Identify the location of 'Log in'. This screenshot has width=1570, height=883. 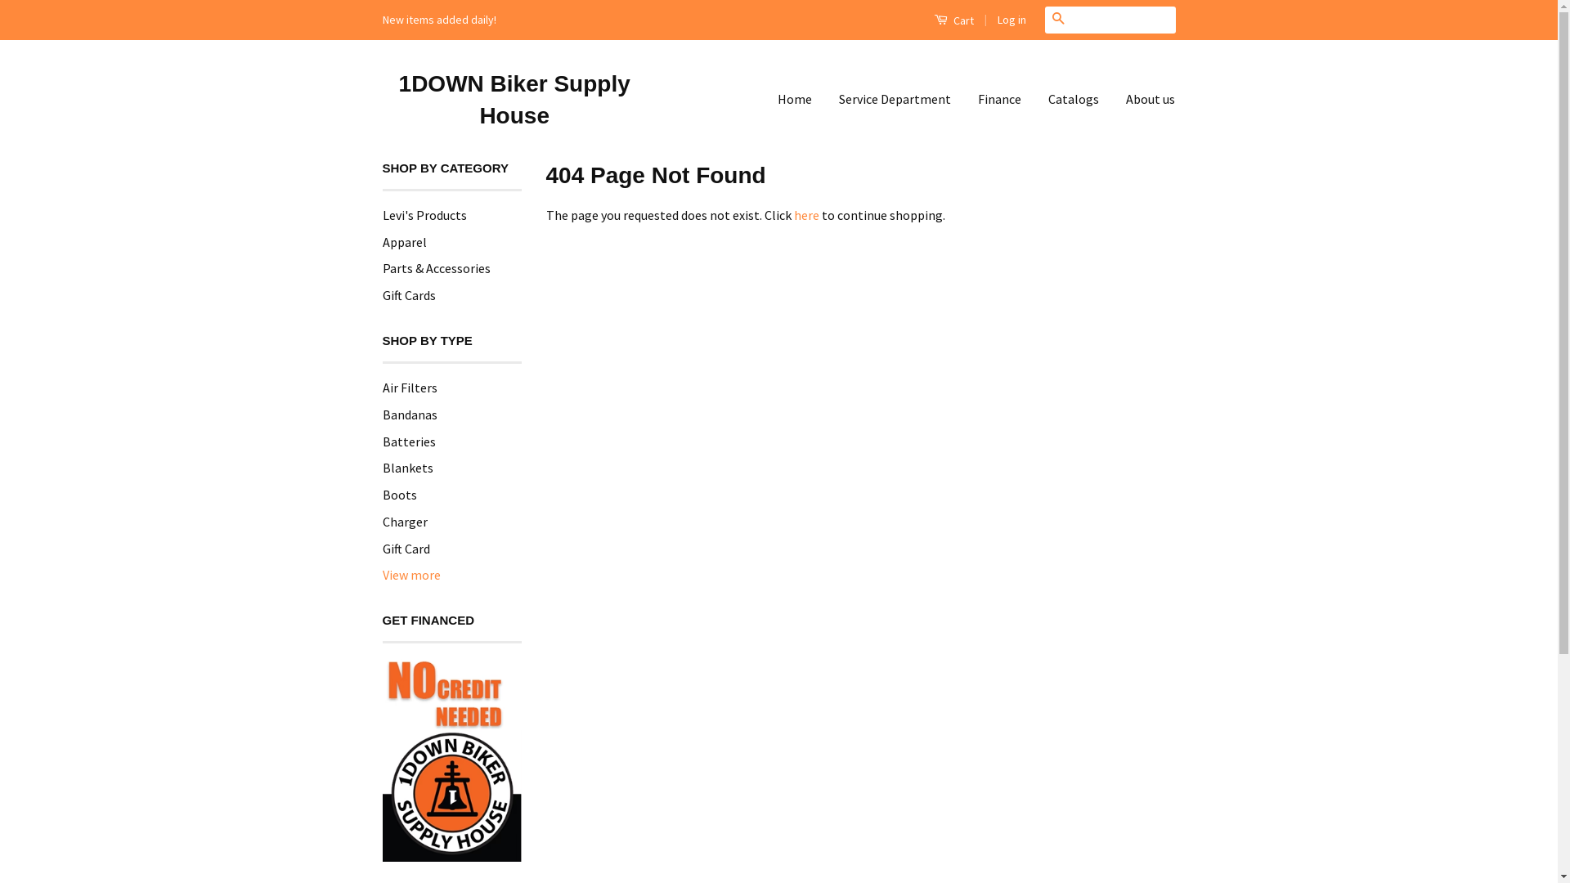
(1011, 19).